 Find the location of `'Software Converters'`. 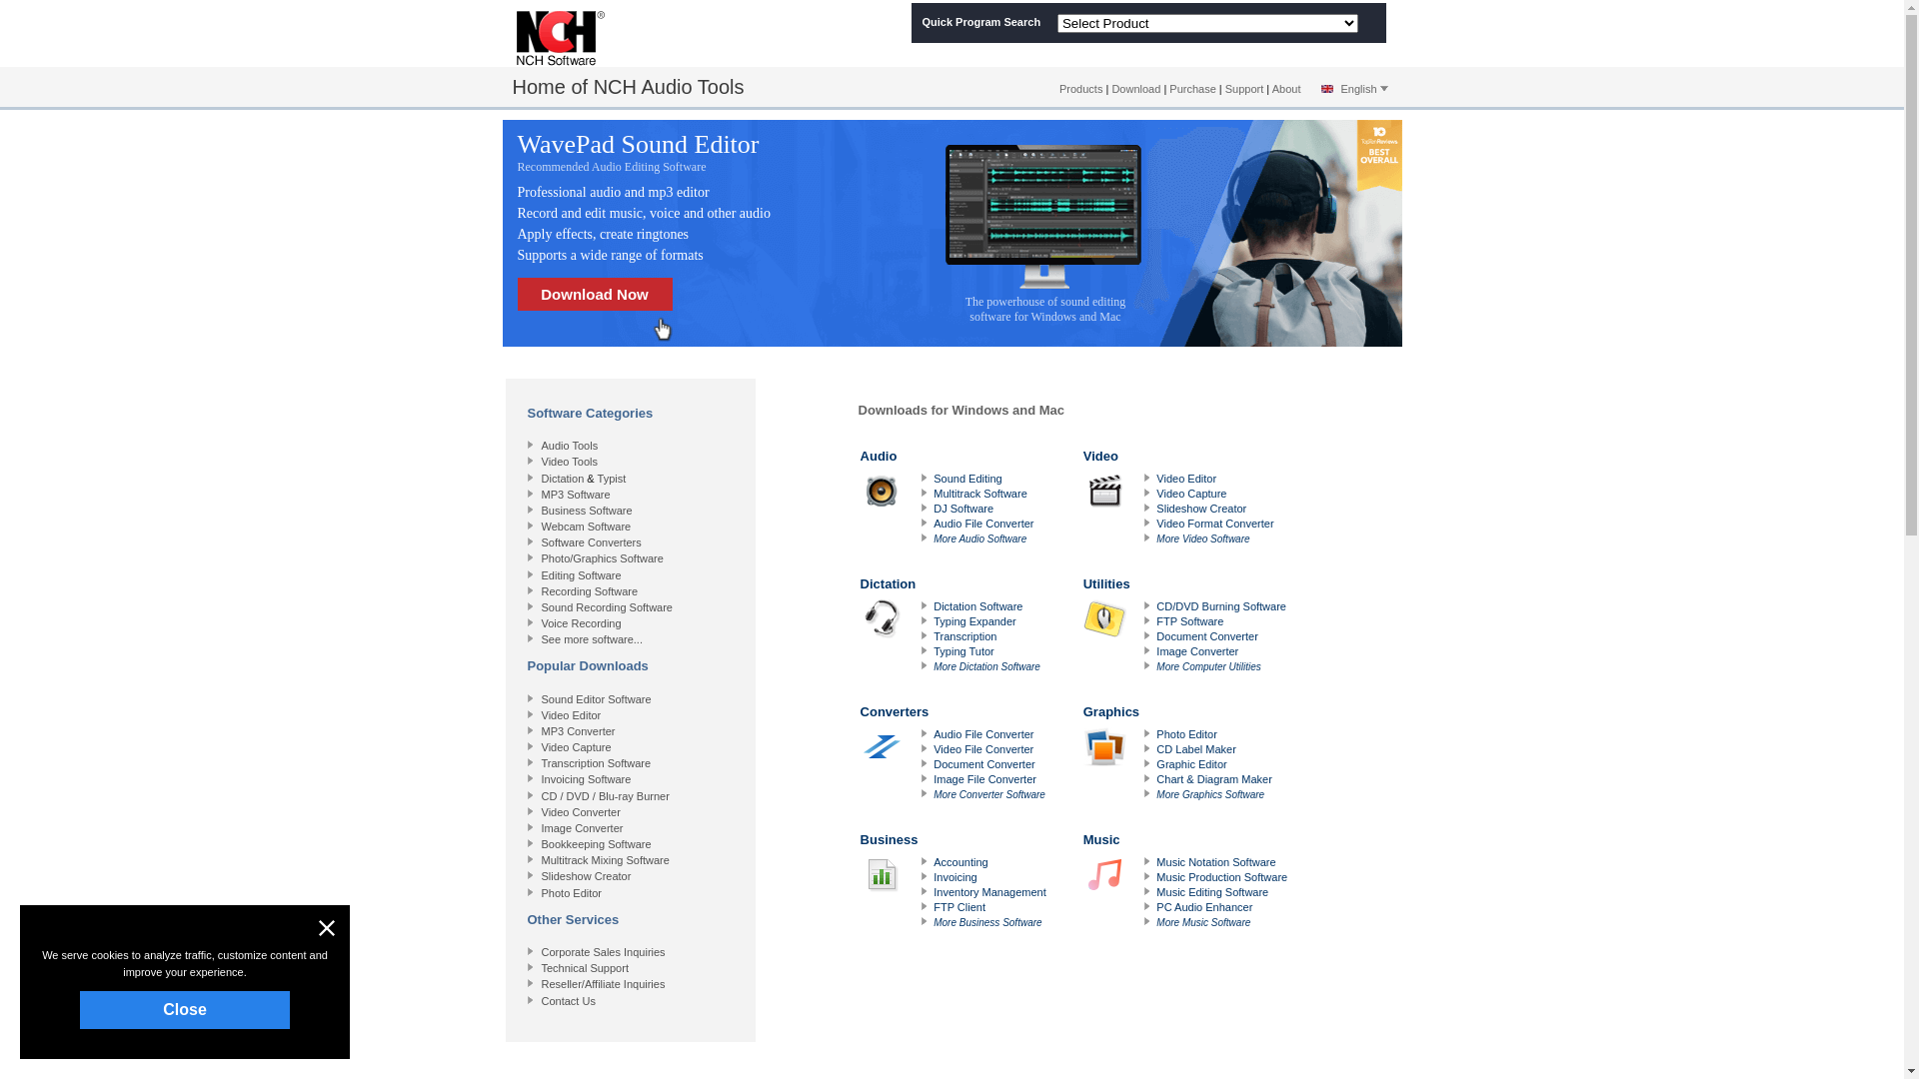

'Software Converters' is located at coordinates (590, 542).